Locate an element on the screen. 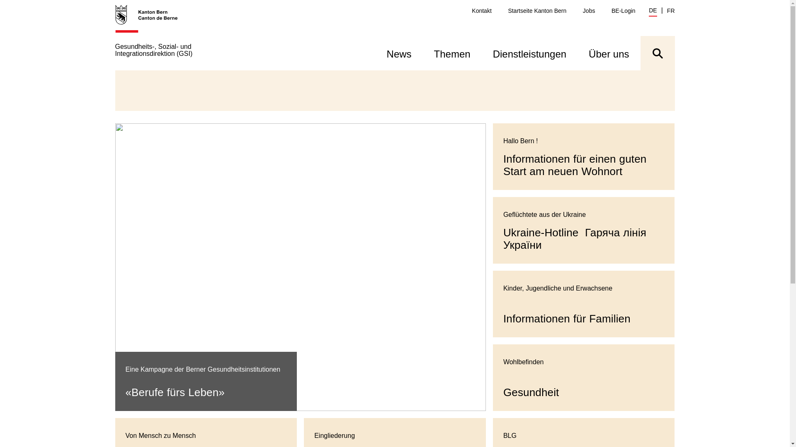 The height and width of the screenshot is (447, 796). 'Gesundheits-, Sozial- und Integrationsdirektion (GSI)' is located at coordinates (181, 36).